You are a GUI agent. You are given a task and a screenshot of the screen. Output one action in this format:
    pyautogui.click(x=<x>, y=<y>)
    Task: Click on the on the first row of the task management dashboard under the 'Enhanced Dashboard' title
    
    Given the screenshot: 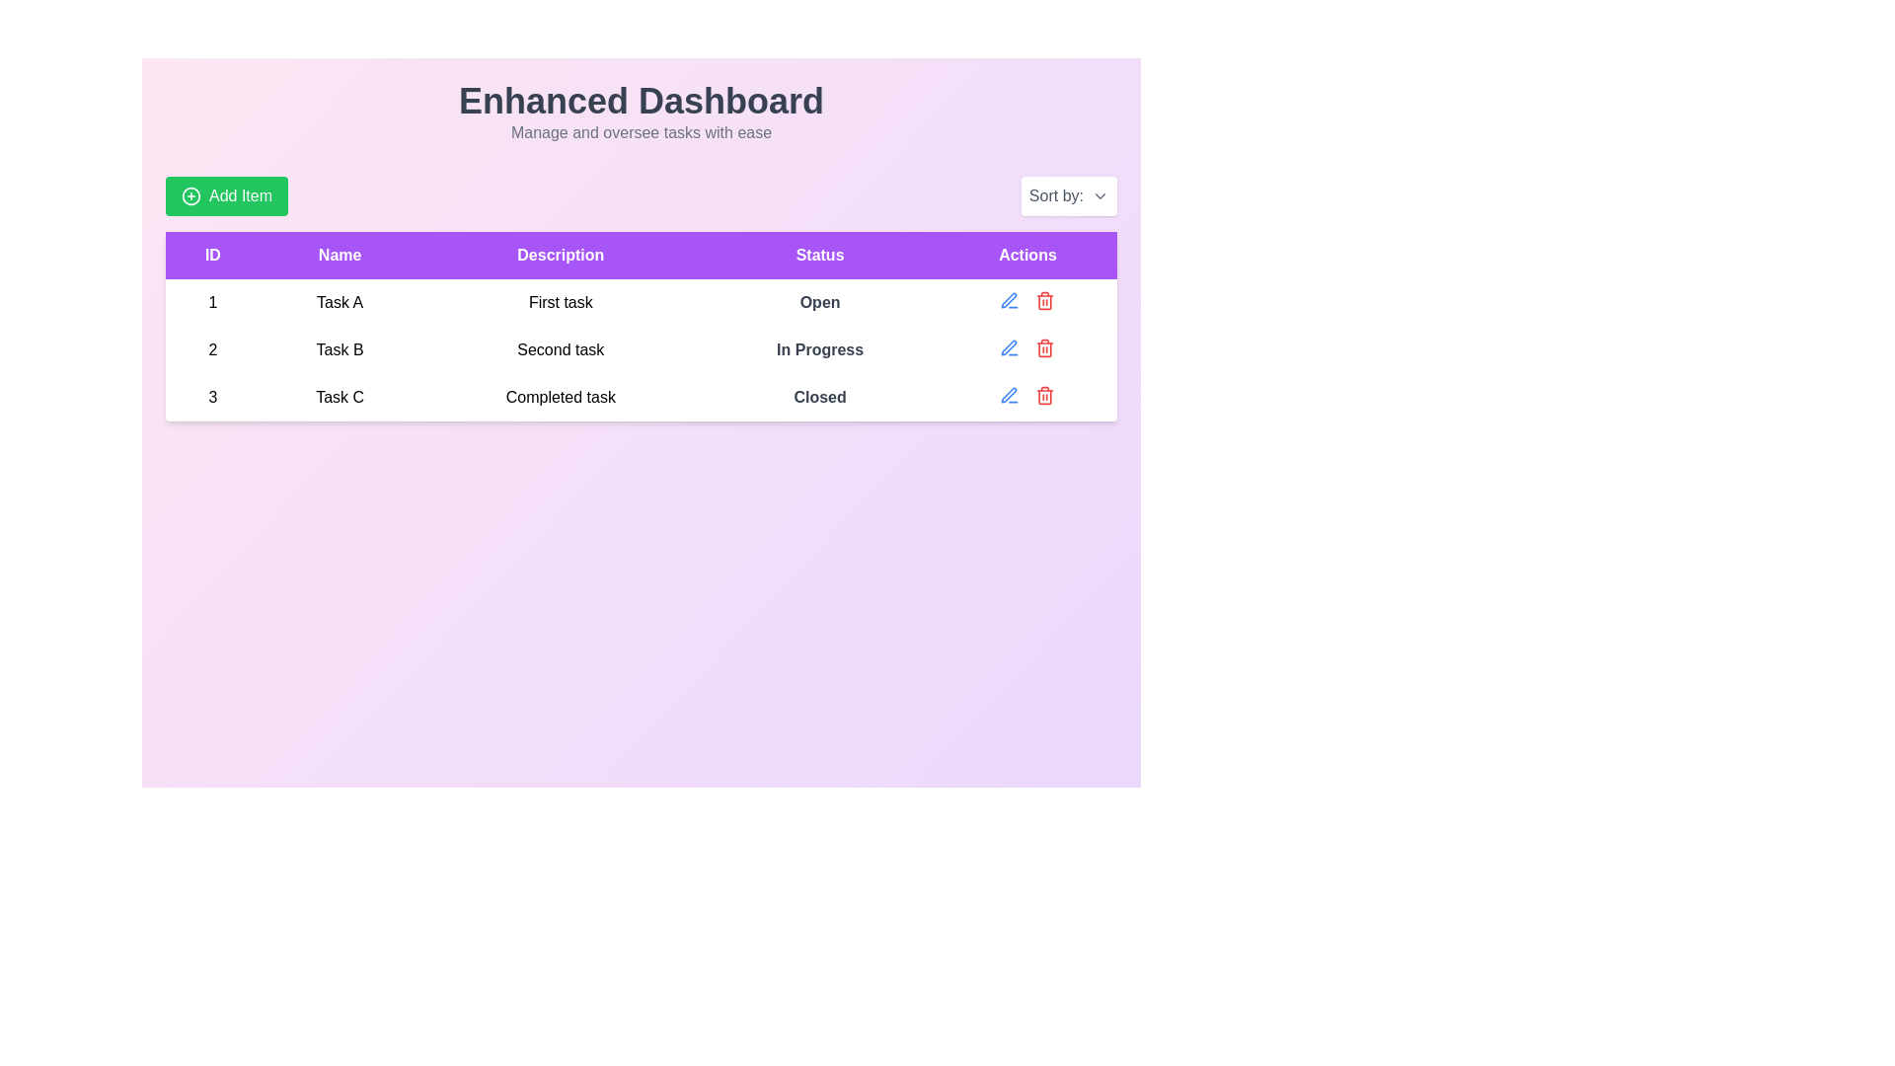 What is the action you would take?
    pyautogui.click(x=641, y=303)
    